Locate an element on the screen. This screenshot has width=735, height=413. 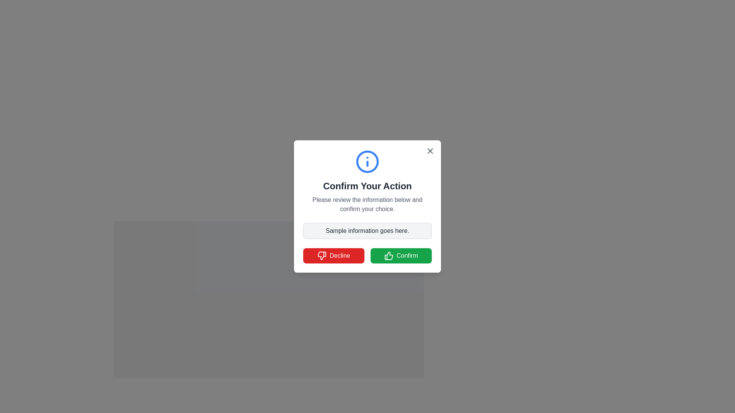
the 'thumbs down' icon located to the left of the 'Decline' button is located at coordinates (322, 255).